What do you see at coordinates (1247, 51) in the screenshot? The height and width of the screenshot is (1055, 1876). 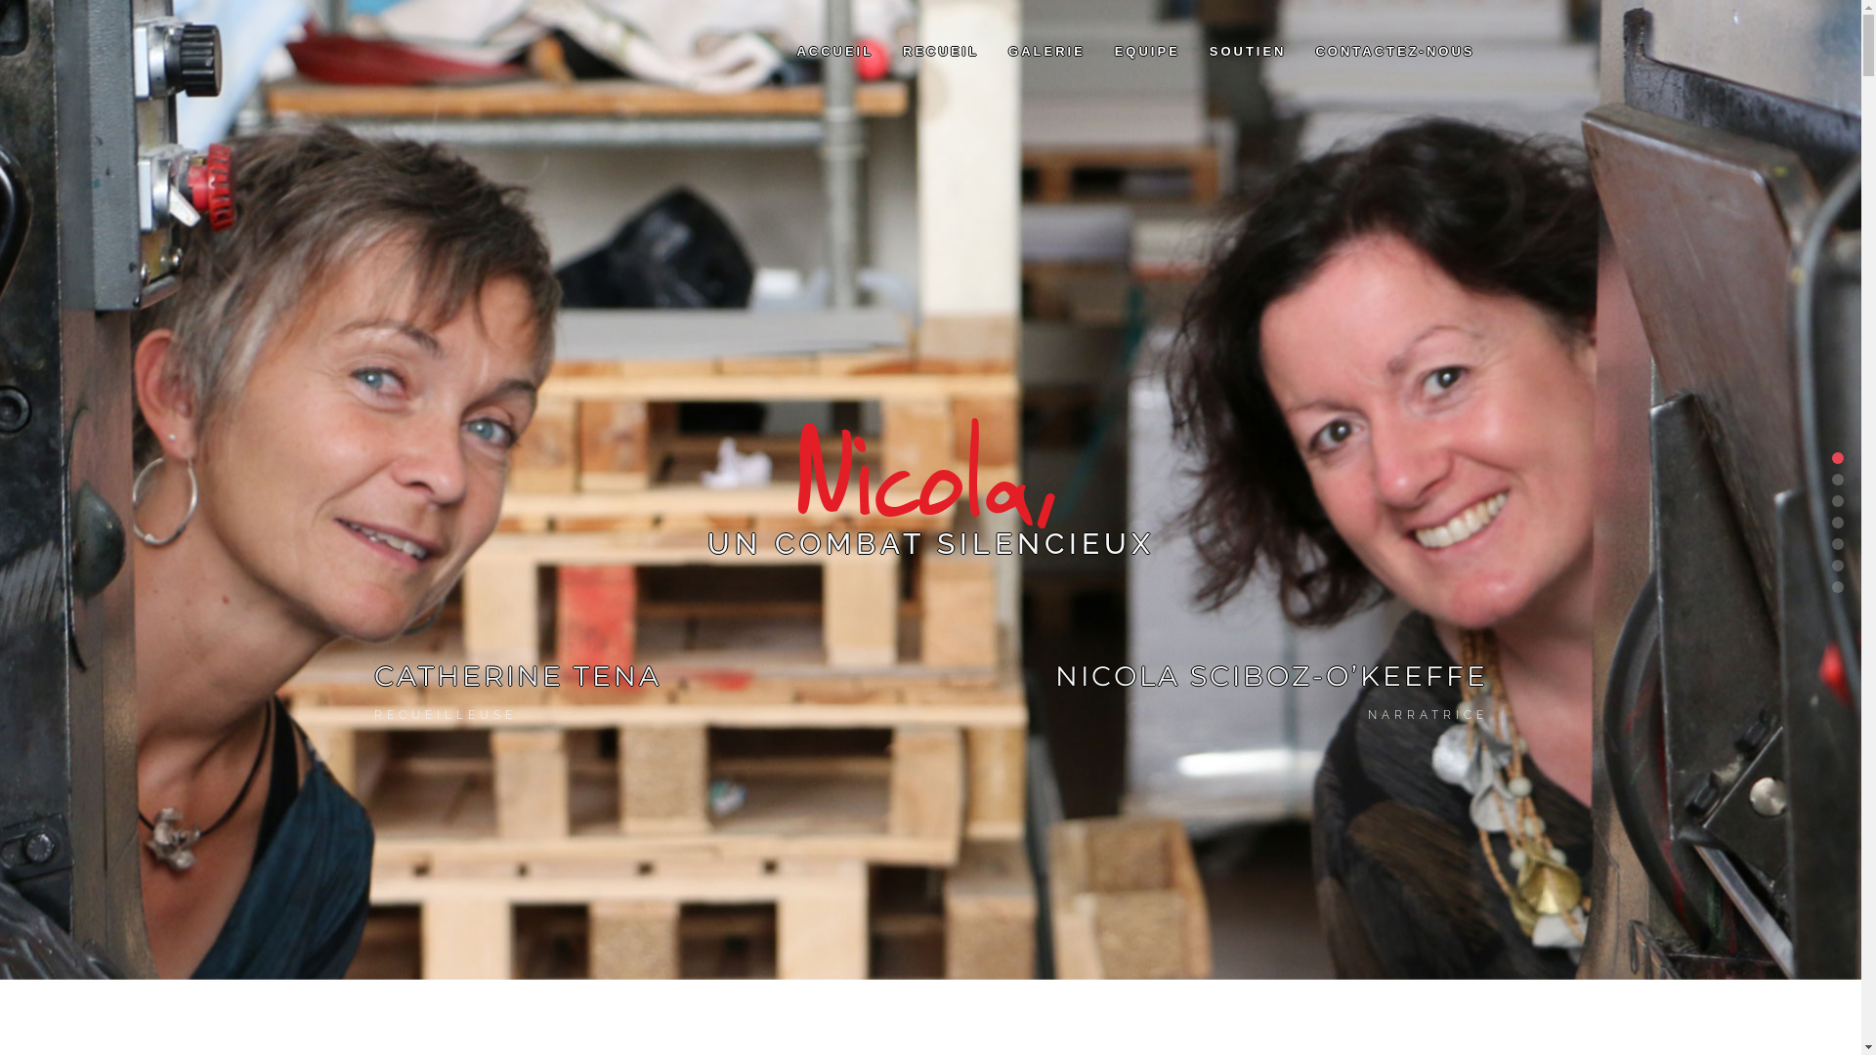 I see `'SOUTIEN'` at bounding box center [1247, 51].